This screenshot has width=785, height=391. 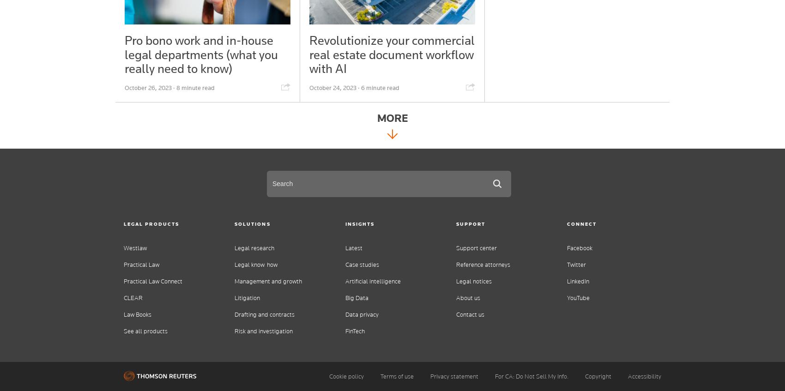 What do you see at coordinates (391, 54) in the screenshot?
I see `'Revolutionize your commercial real estate document workflow with AI'` at bounding box center [391, 54].